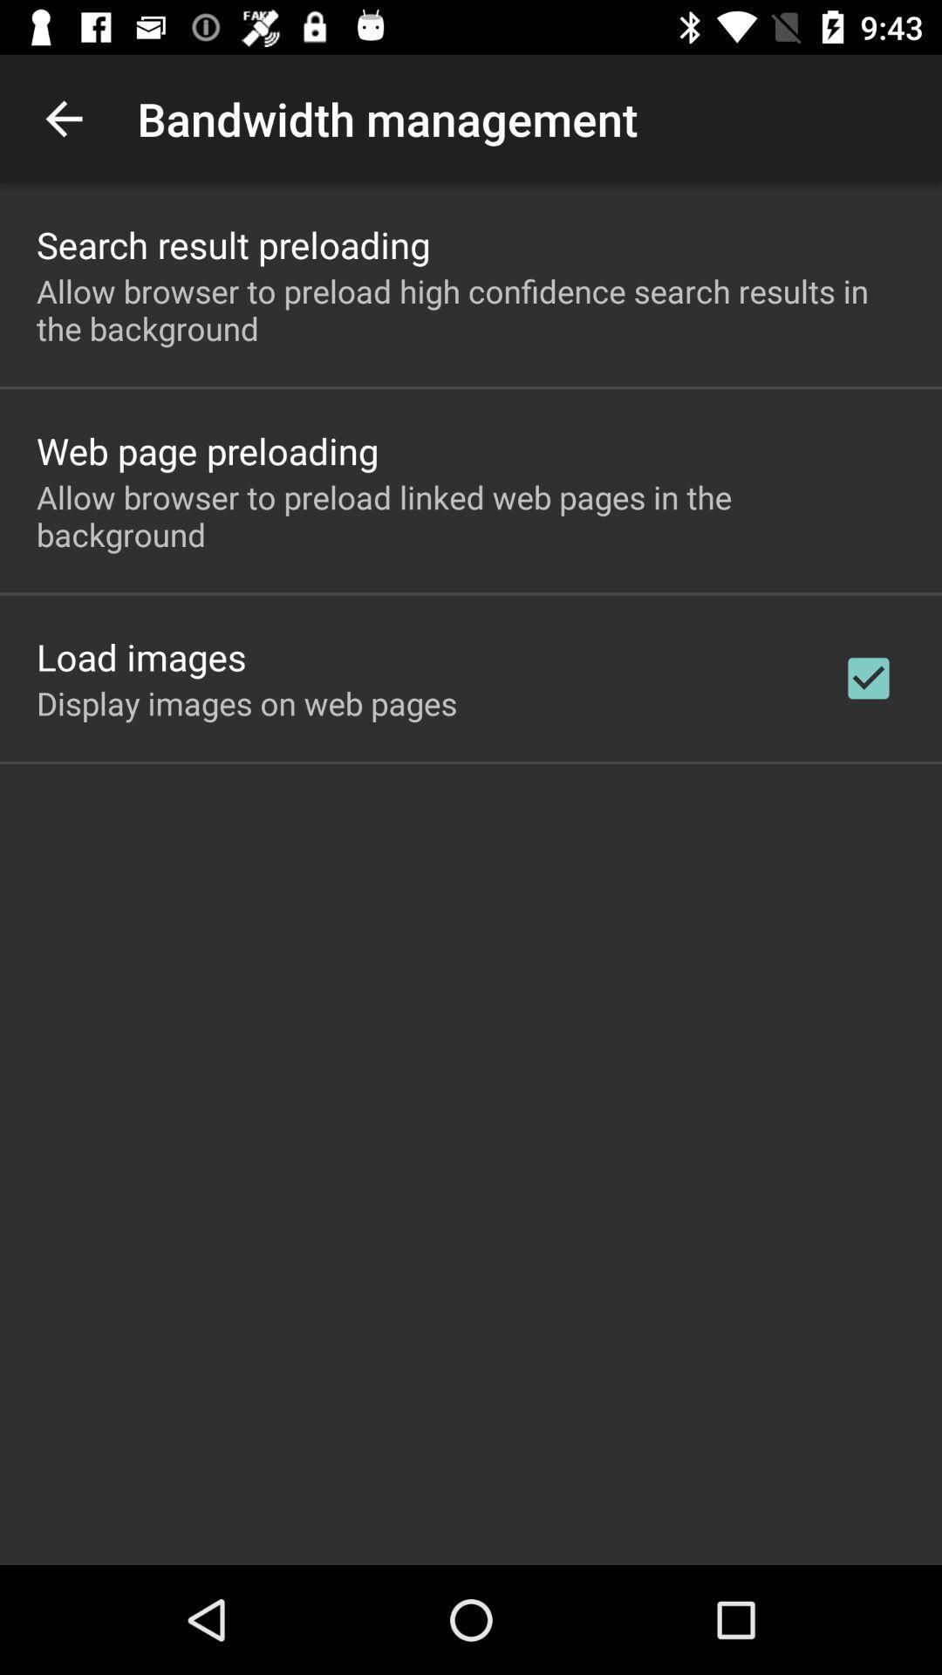  I want to click on item above the allow browser to app, so click(207, 450).